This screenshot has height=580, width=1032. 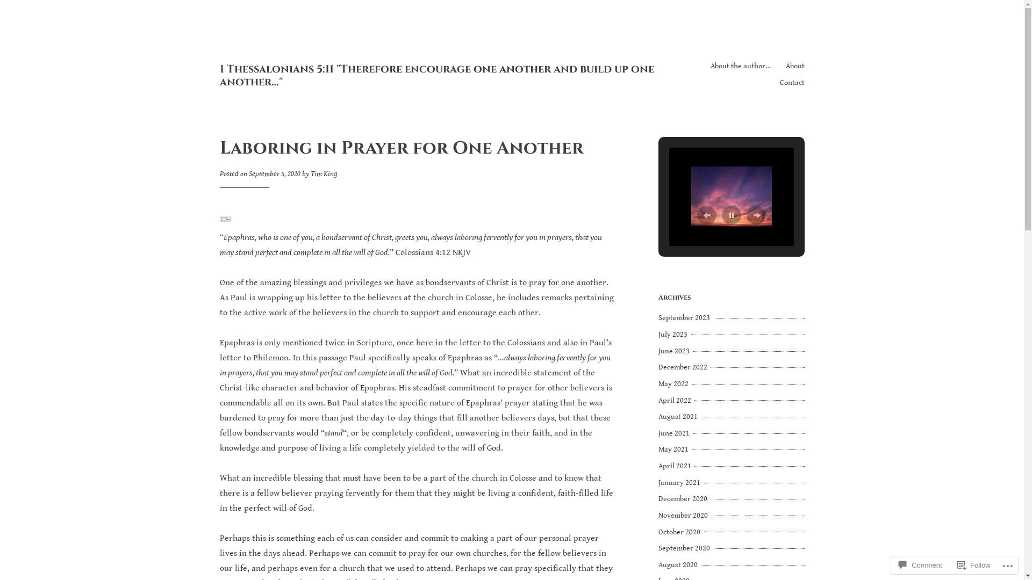 I want to click on 'May 2021', so click(x=673, y=450).